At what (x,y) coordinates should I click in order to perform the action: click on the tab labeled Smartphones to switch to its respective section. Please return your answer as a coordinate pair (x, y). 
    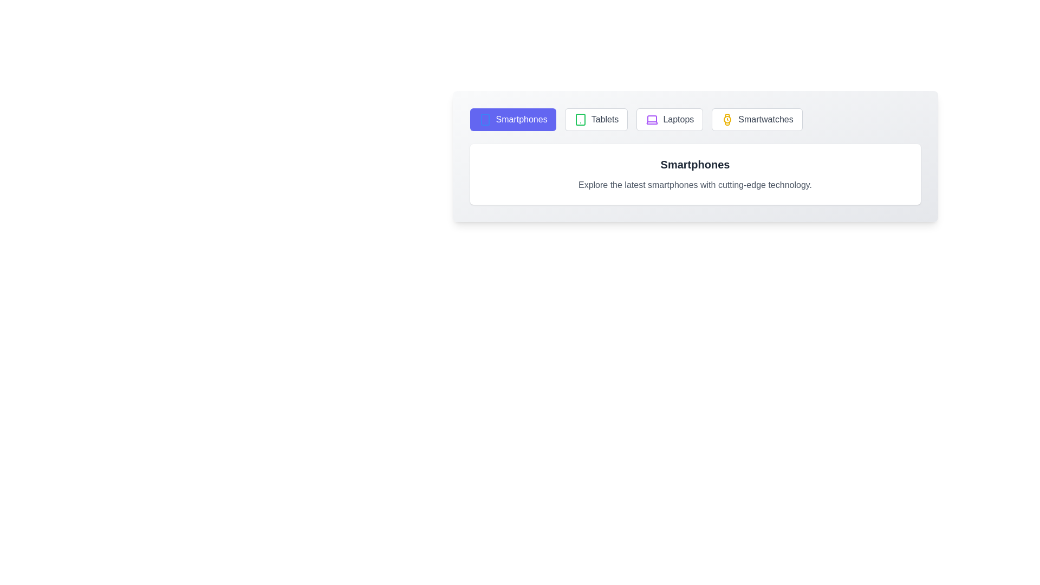
    Looking at the image, I should click on (512, 119).